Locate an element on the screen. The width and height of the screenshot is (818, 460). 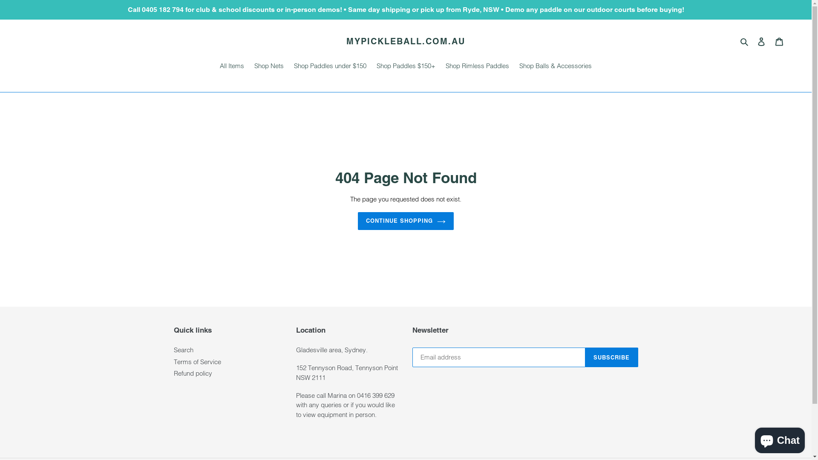
'Shop Rimless Paddles' is located at coordinates (441, 66).